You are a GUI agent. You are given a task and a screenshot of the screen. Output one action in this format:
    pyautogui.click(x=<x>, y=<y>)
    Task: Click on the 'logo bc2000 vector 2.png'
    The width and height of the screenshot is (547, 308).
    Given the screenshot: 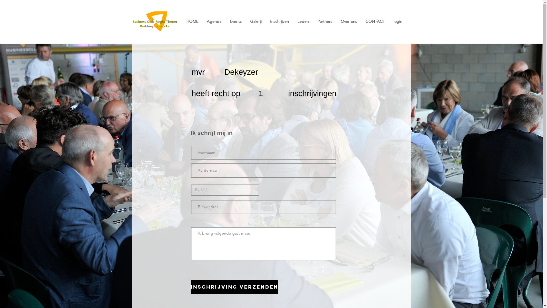 What is the action you would take?
    pyautogui.click(x=144, y=21)
    